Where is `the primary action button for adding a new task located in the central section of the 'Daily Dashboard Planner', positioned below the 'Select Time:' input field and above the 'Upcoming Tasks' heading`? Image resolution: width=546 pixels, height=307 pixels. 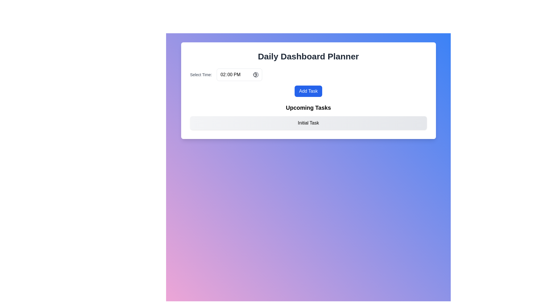
the primary action button for adding a new task located in the central section of the 'Daily Dashboard Planner', positioned below the 'Select Time:' input field and above the 'Upcoming Tasks' heading is located at coordinates (308, 91).